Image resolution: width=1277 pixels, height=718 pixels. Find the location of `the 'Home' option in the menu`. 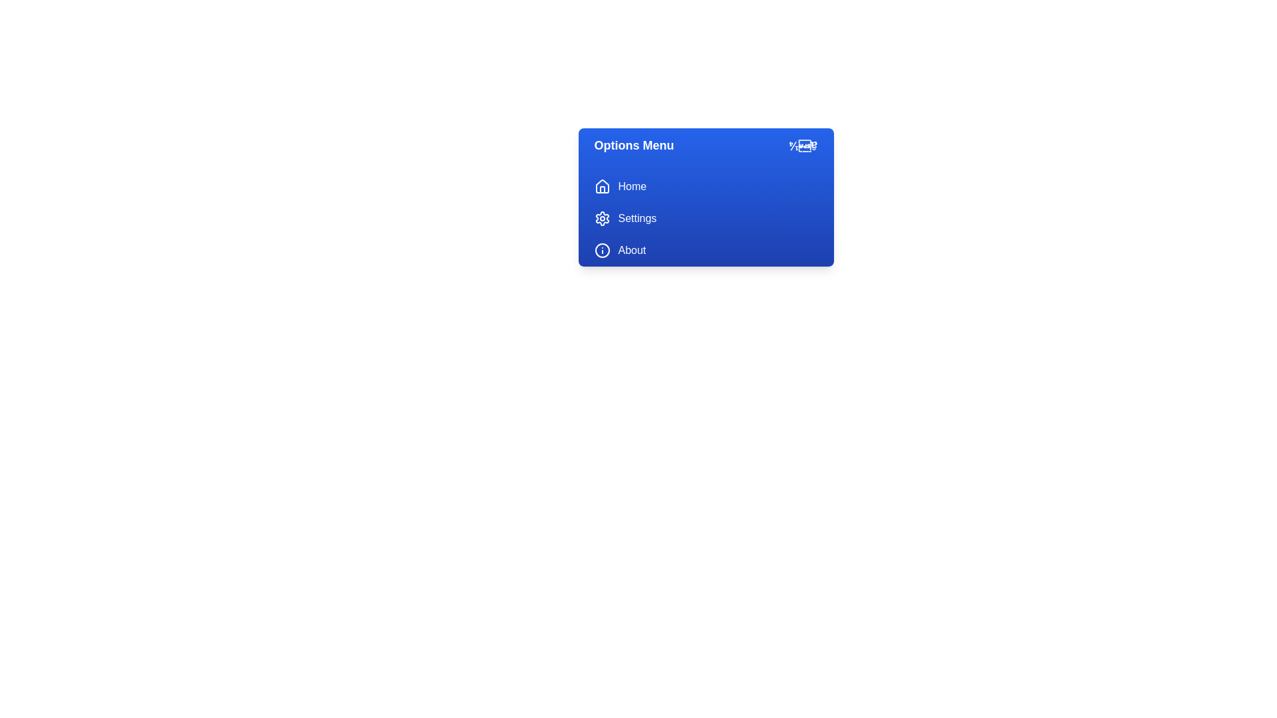

the 'Home' option in the menu is located at coordinates (705, 187).